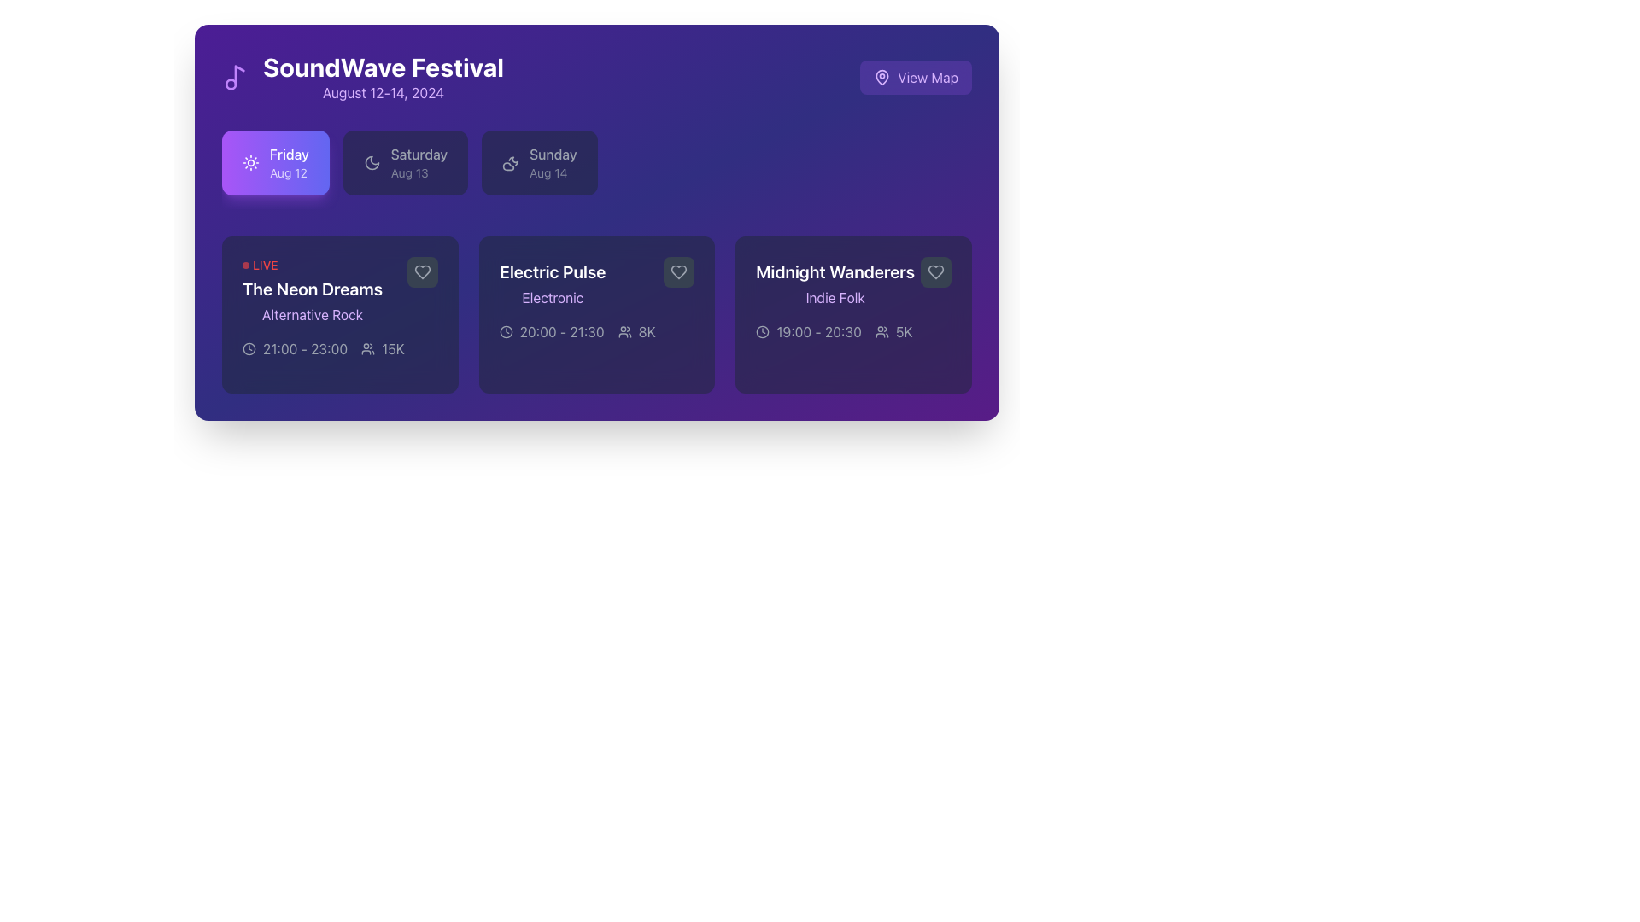 Image resolution: width=1640 pixels, height=922 pixels. I want to click on the compact vector-based graphical icon resembling a group of people, which is positioned to the left of the '5K' text label in the bottom-right card of the interface, so click(881, 332).